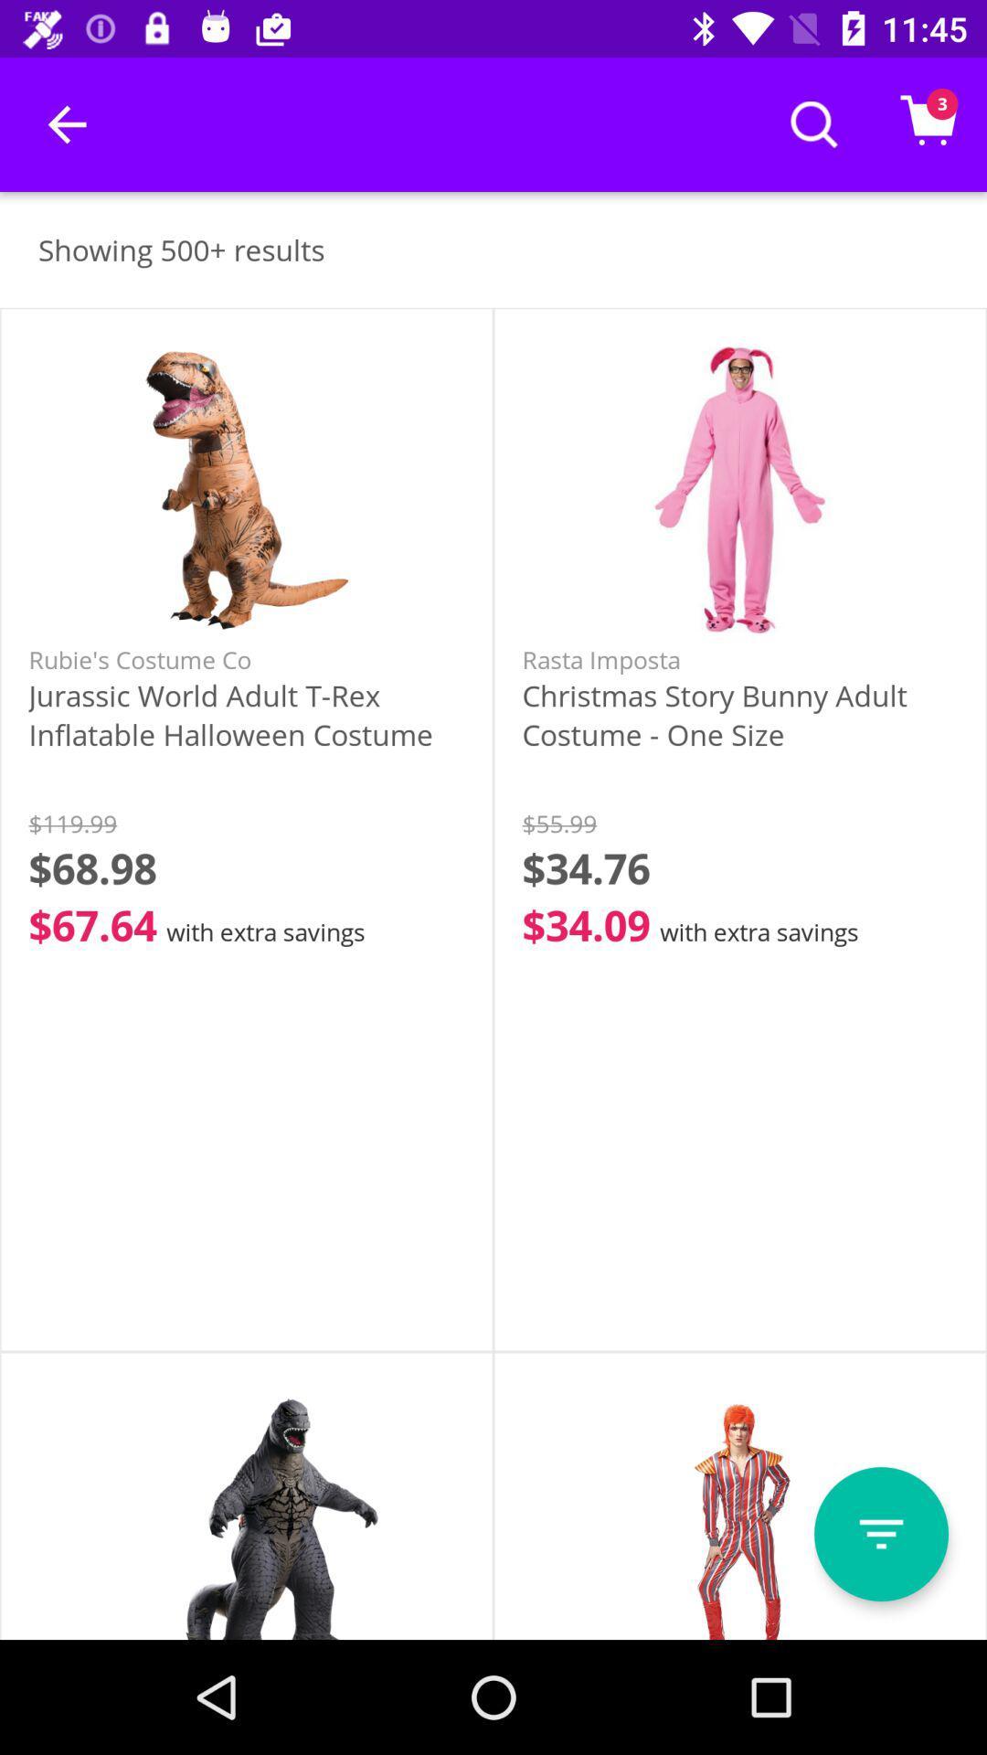 This screenshot has height=1755, width=987. Describe the element at coordinates (66, 123) in the screenshot. I see `the icon above the showing 500+ results` at that location.